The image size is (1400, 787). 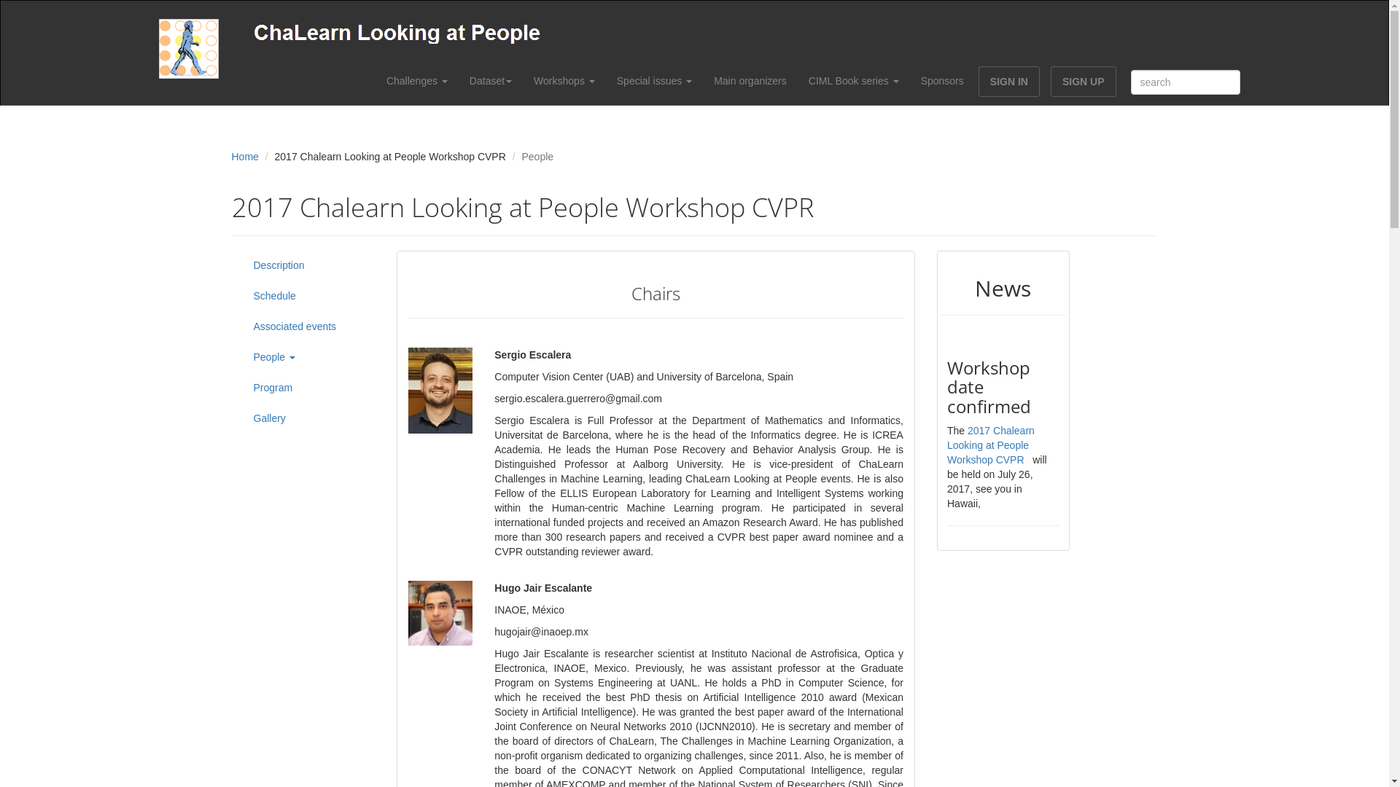 I want to click on 'SIGN IN', so click(x=1008, y=81).